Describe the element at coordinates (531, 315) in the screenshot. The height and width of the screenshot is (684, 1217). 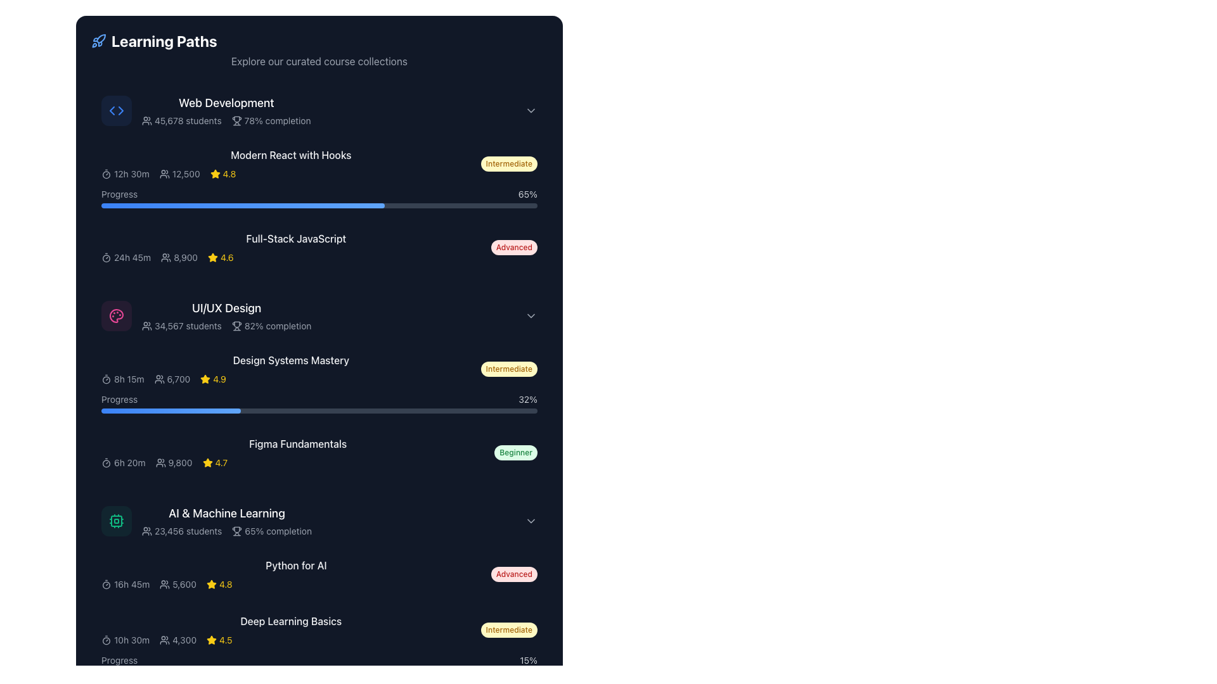
I see `the downward chevron icon indicator located to the far right of the 'UI/UX Design' section, in line with the '82% completion' text` at that location.